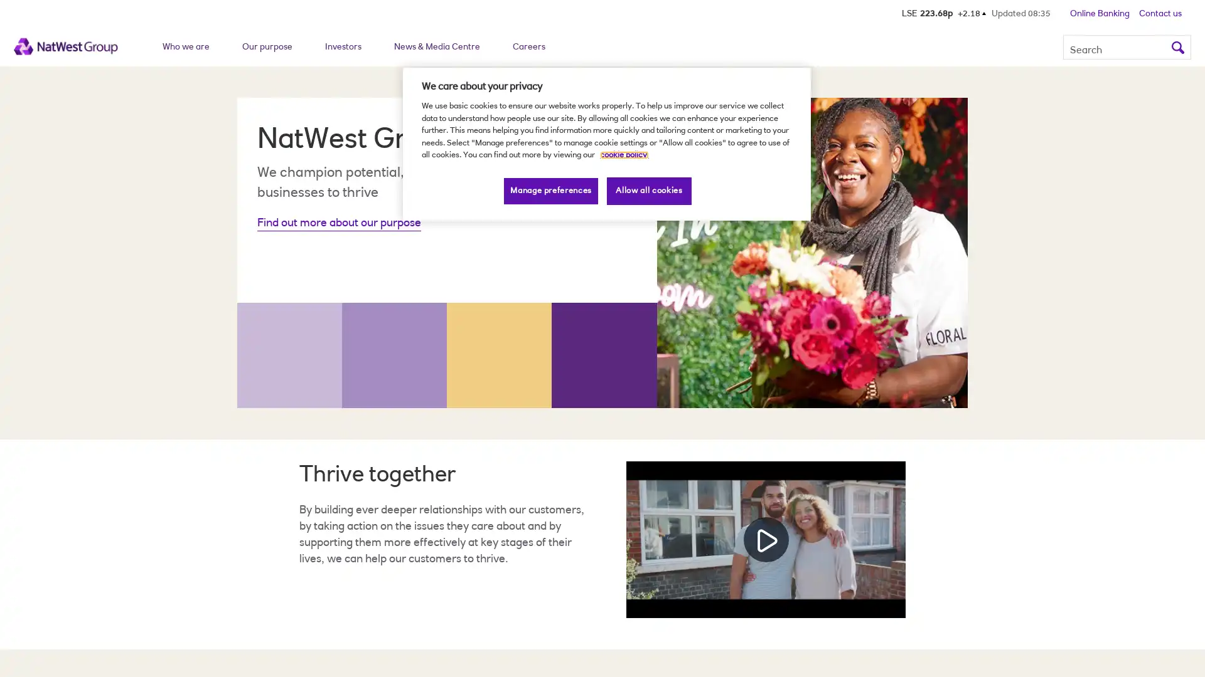  I want to click on Search, so click(1177, 46).